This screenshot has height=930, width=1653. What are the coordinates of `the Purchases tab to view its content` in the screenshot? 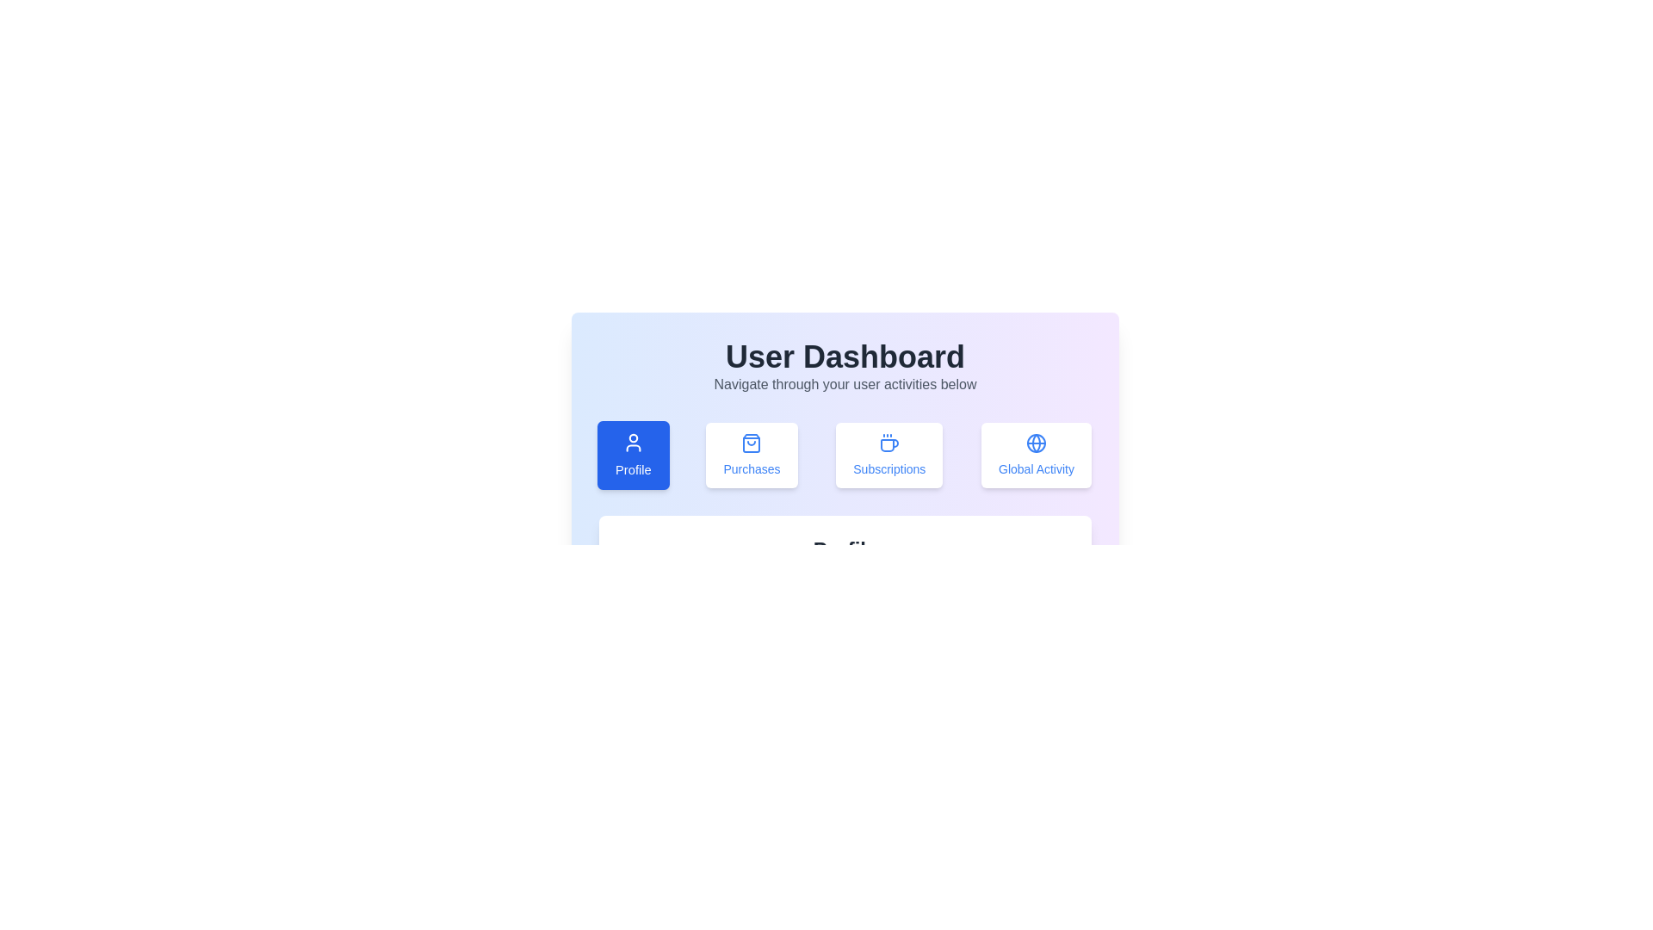 It's located at (752, 454).